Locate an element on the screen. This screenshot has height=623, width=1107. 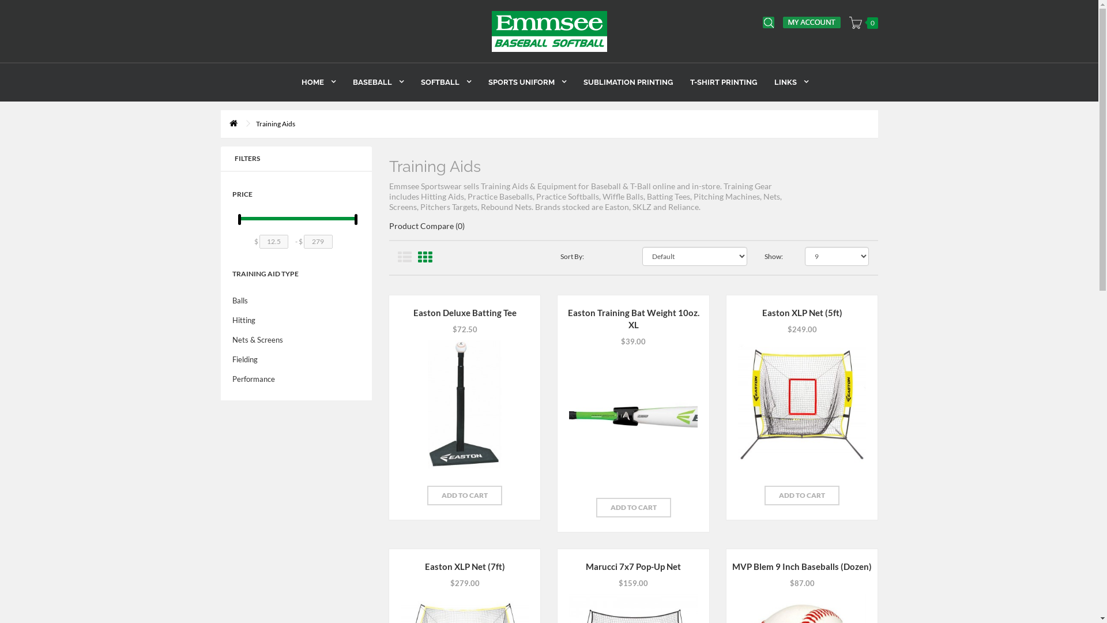
'ADD TO CART' is located at coordinates (801, 495).